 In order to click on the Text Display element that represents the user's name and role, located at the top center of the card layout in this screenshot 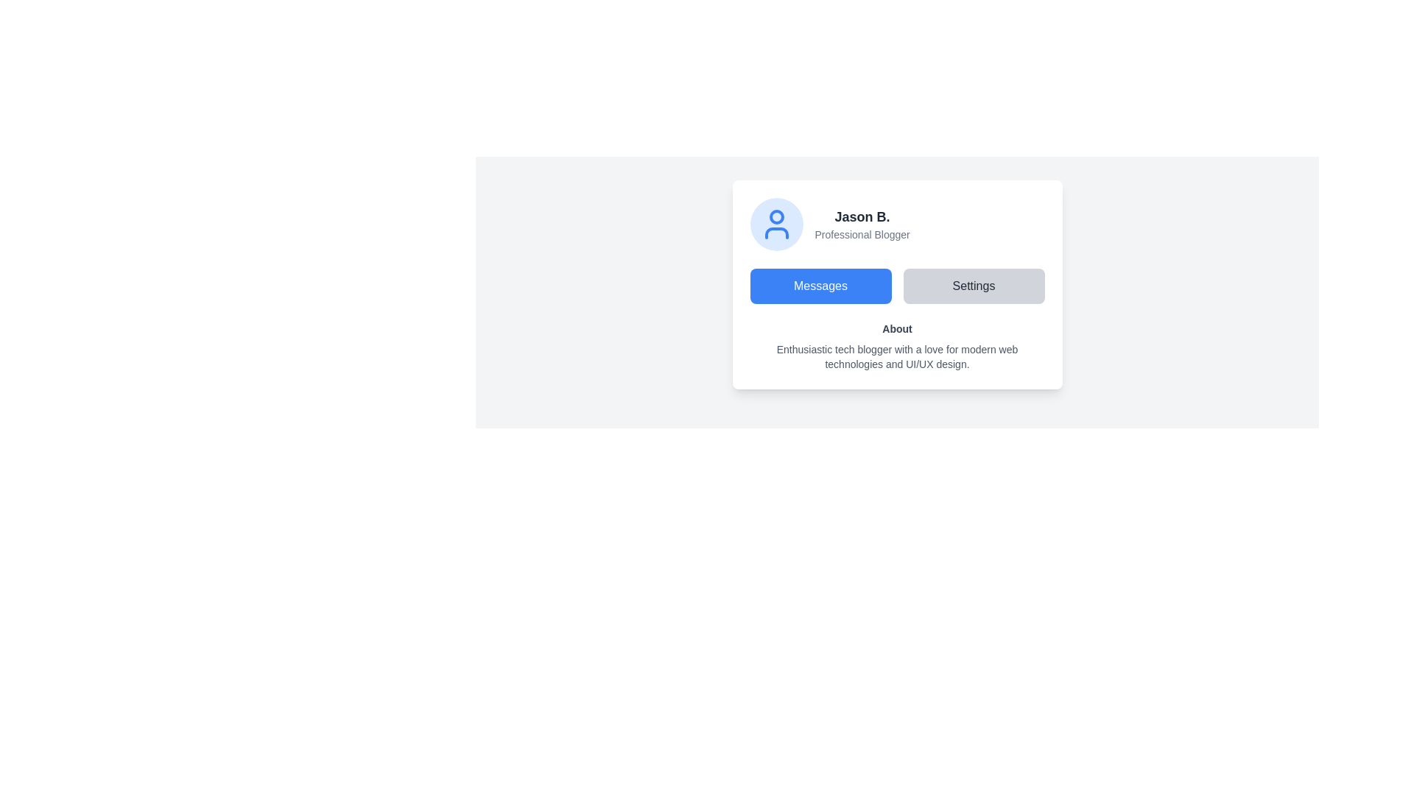, I will do `click(862, 224)`.